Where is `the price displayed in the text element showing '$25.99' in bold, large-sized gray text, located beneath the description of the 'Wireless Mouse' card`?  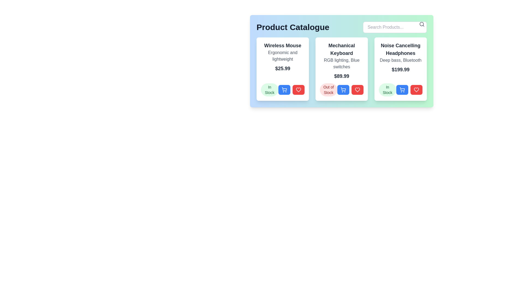
the price displayed in the text element showing '$25.99' in bold, large-sized gray text, located beneath the description of the 'Wireless Mouse' card is located at coordinates (283, 68).